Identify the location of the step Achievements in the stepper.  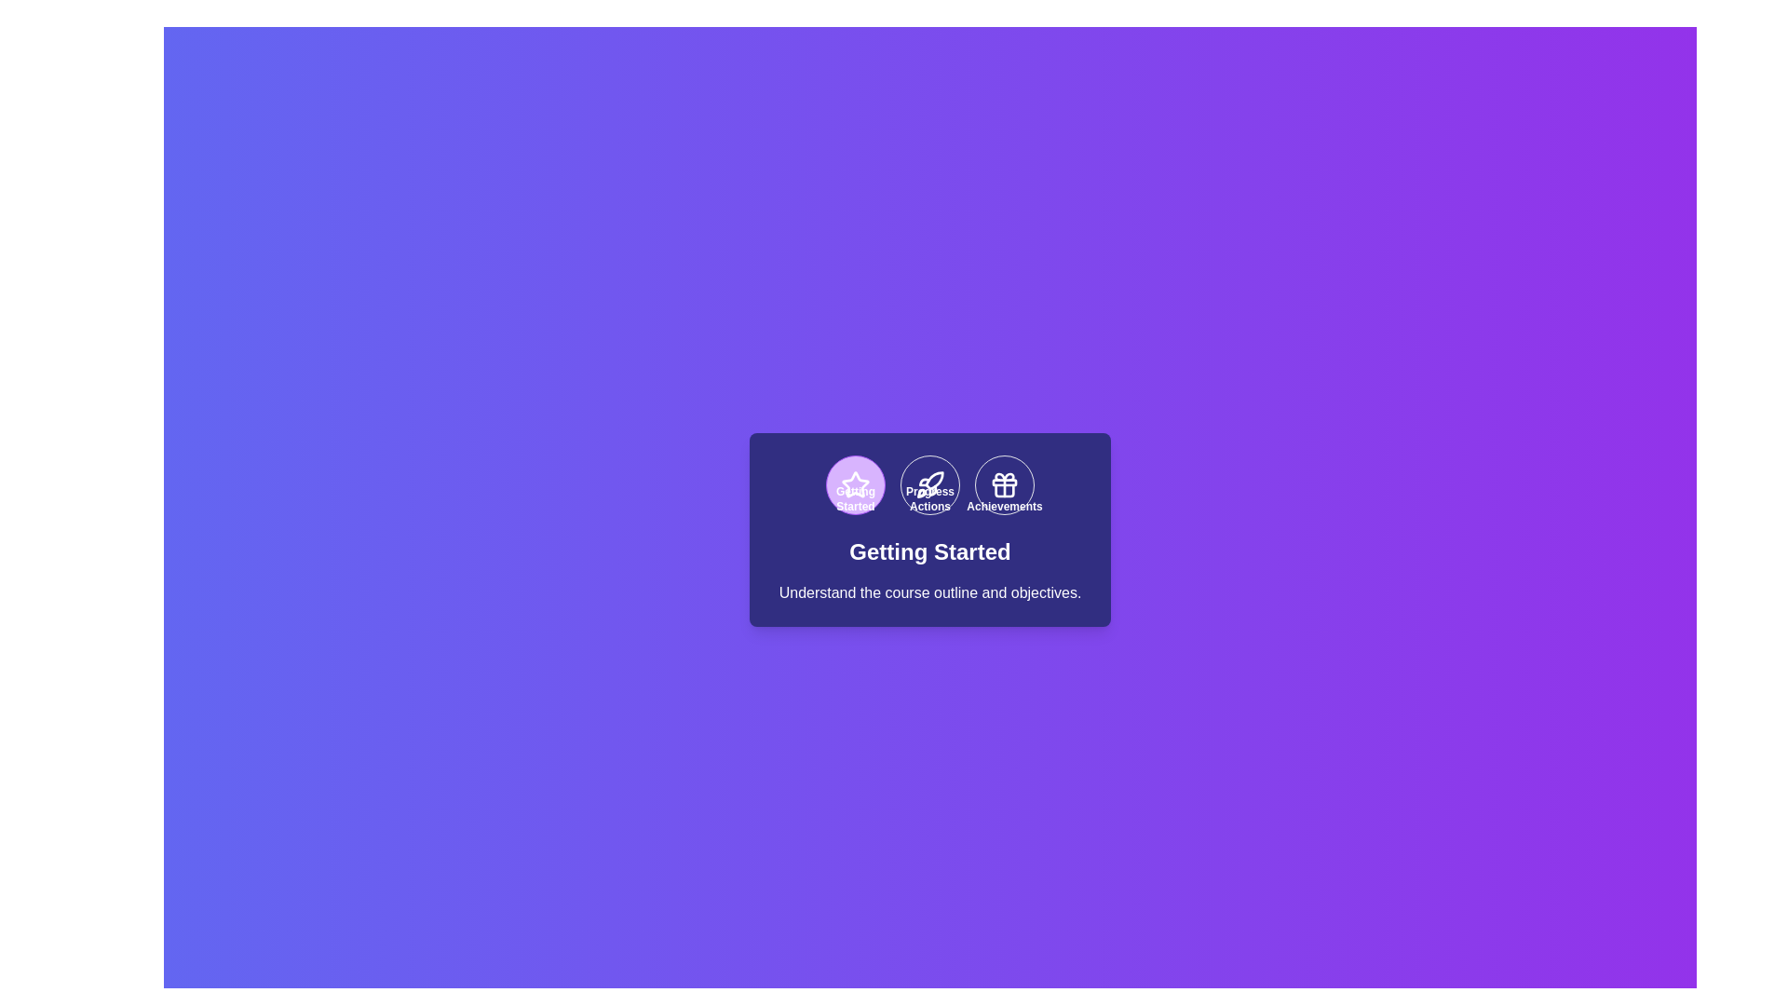
(1004, 483).